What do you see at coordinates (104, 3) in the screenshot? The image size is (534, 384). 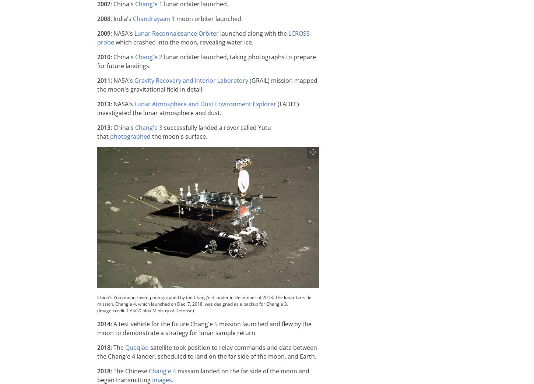 I see `'2007'` at bounding box center [104, 3].